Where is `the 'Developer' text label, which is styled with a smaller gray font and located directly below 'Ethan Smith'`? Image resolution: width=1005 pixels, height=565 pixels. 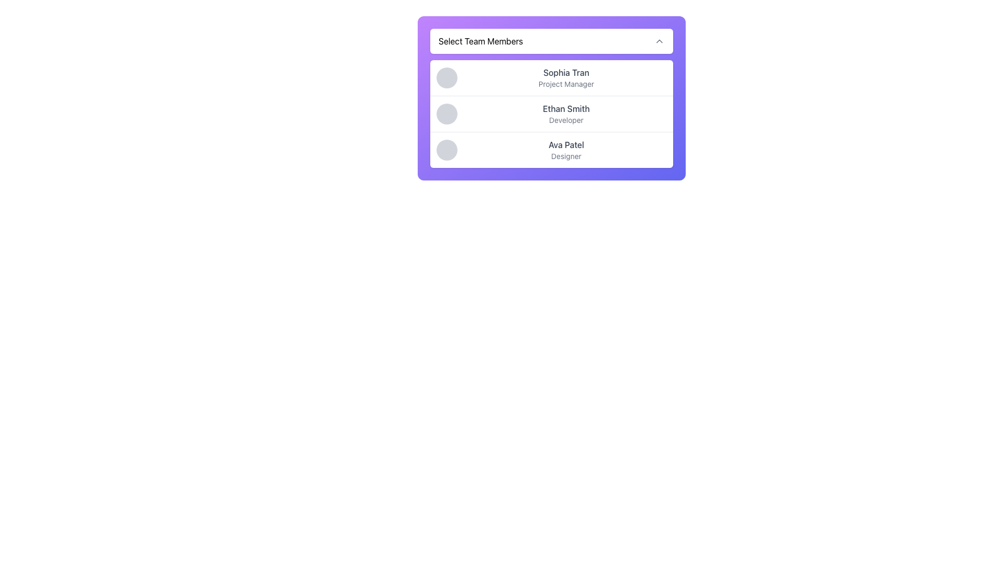 the 'Developer' text label, which is styled with a smaller gray font and located directly below 'Ethan Smith' is located at coordinates (565, 120).